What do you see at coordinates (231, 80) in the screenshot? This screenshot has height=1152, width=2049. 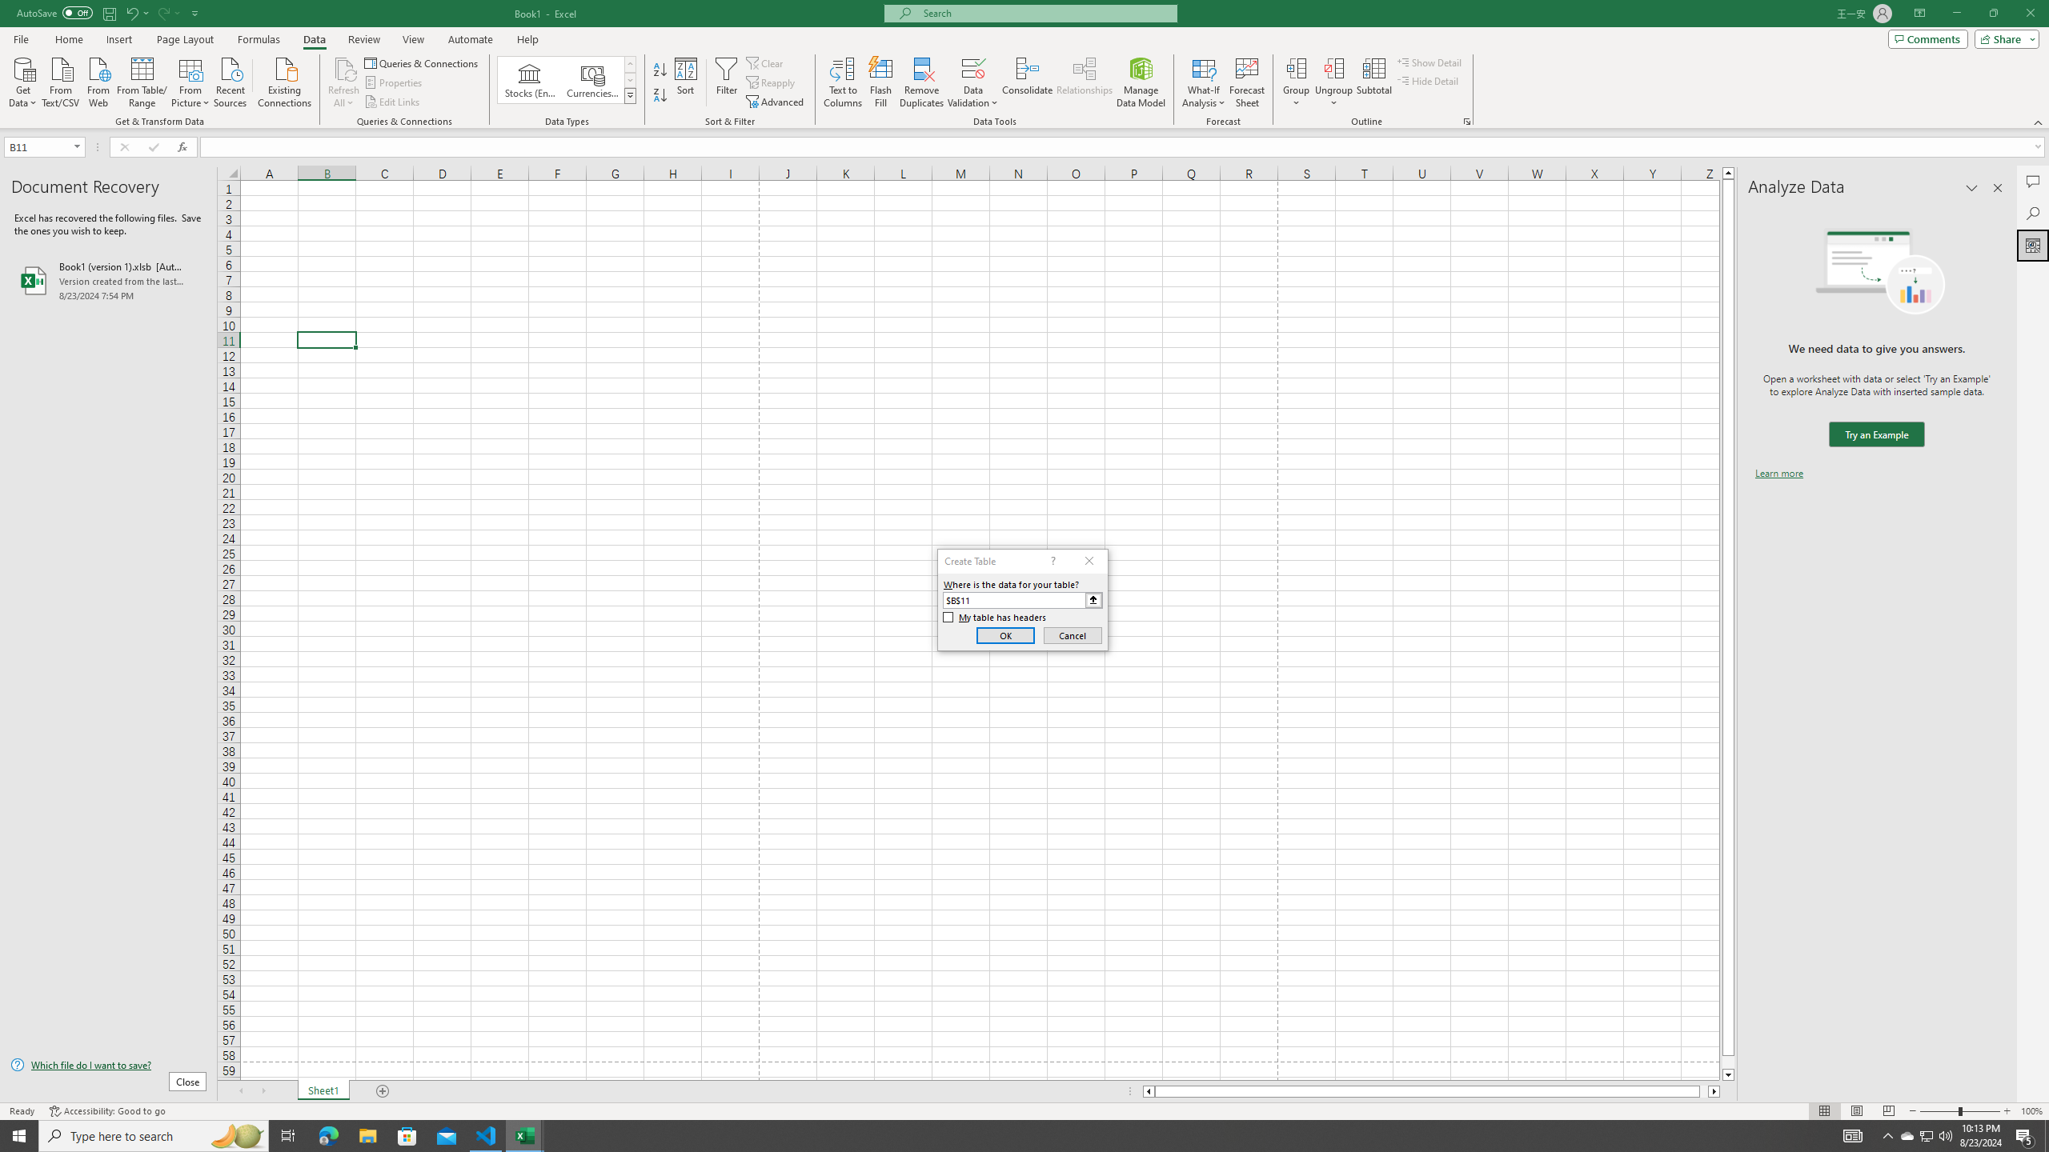 I see `'Recent Sources'` at bounding box center [231, 80].